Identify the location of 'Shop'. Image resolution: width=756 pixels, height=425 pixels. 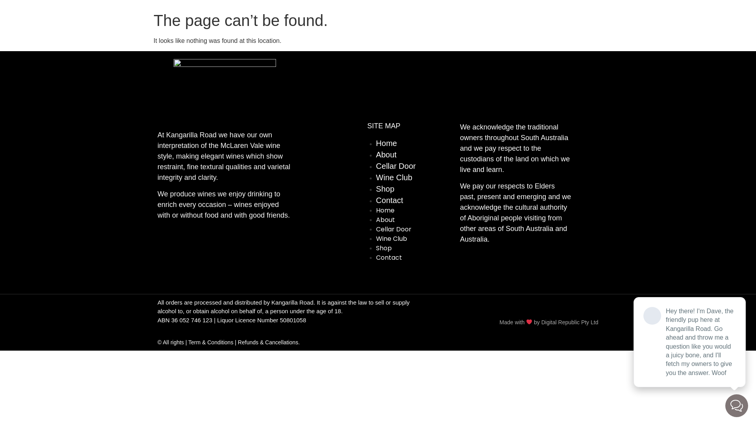
(384, 248).